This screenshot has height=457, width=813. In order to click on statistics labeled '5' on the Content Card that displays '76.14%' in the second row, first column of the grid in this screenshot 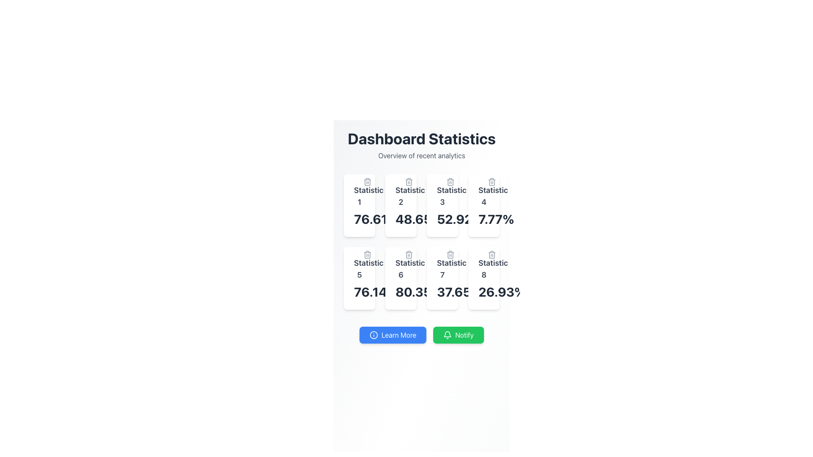, I will do `click(359, 278)`.